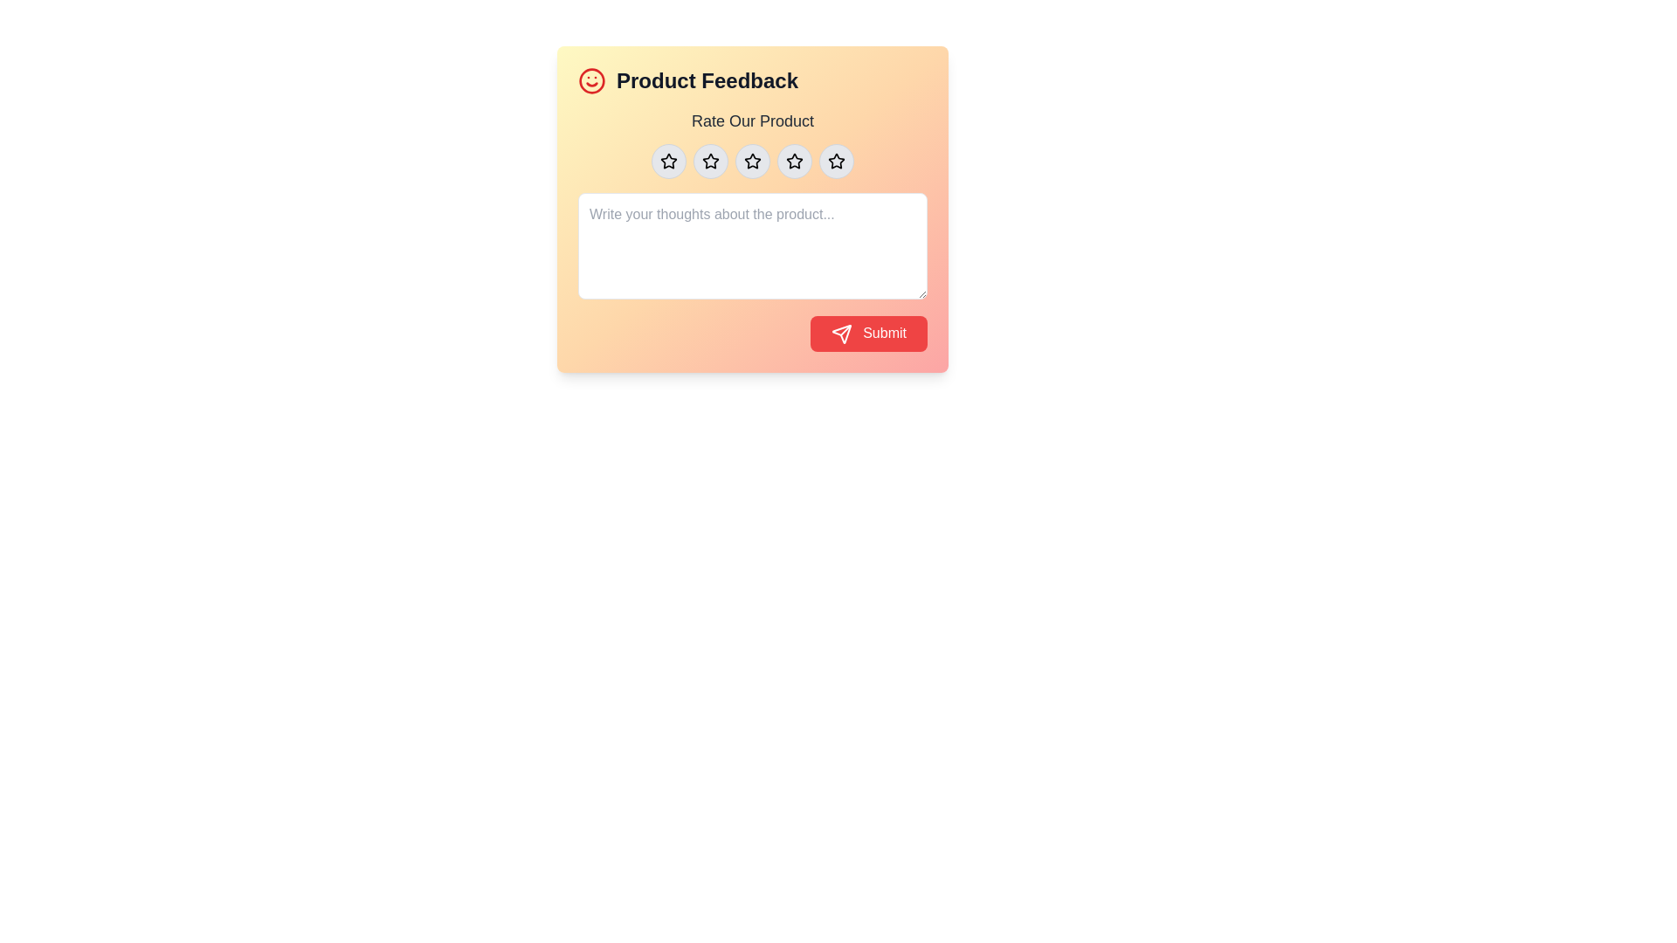  Describe the element at coordinates (668, 162) in the screenshot. I see `the first star-shaped icon in the 'Rate Our Product' section` at that location.